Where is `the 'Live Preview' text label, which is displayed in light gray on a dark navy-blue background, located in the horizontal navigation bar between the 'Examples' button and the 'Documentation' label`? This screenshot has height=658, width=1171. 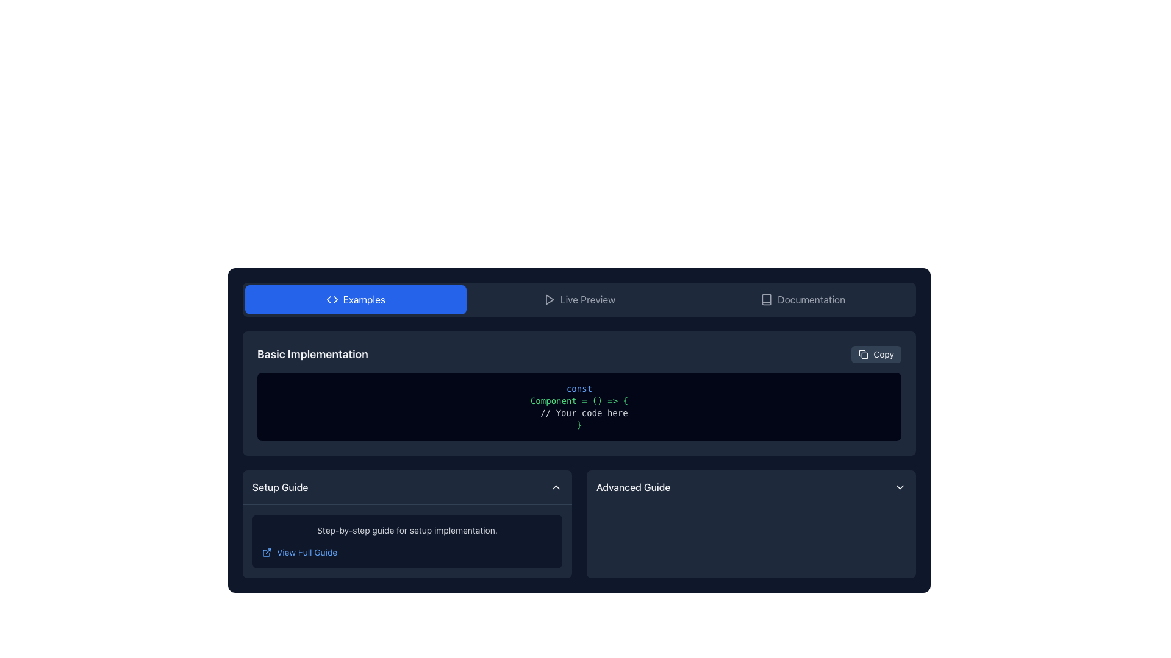 the 'Live Preview' text label, which is displayed in light gray on a dark navy-blue background, located in the horizontal navigation bar between the 'Examples' button and the 'Documentation' label is located at coordinates (588, 300).